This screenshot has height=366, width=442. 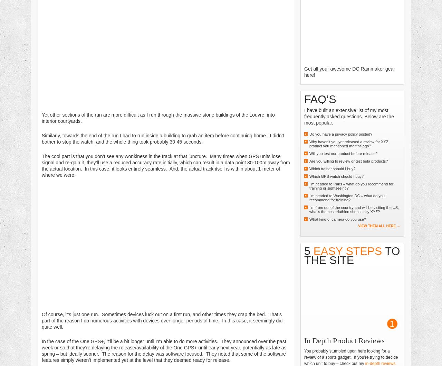 I want to click on 'I’m from out of the country and will be visiting the US, what’s the best triathlon shop in city XYZ?', so click(x=309, y=209).